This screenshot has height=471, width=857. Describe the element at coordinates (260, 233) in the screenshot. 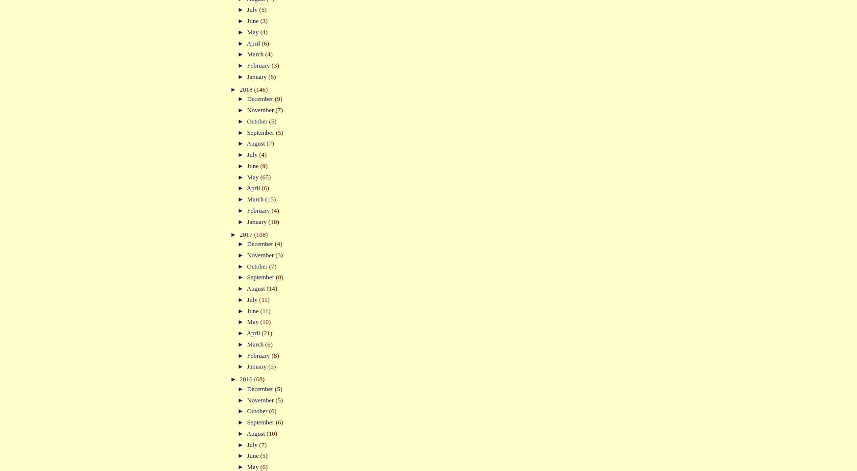

I see `'(108)'` at that location.